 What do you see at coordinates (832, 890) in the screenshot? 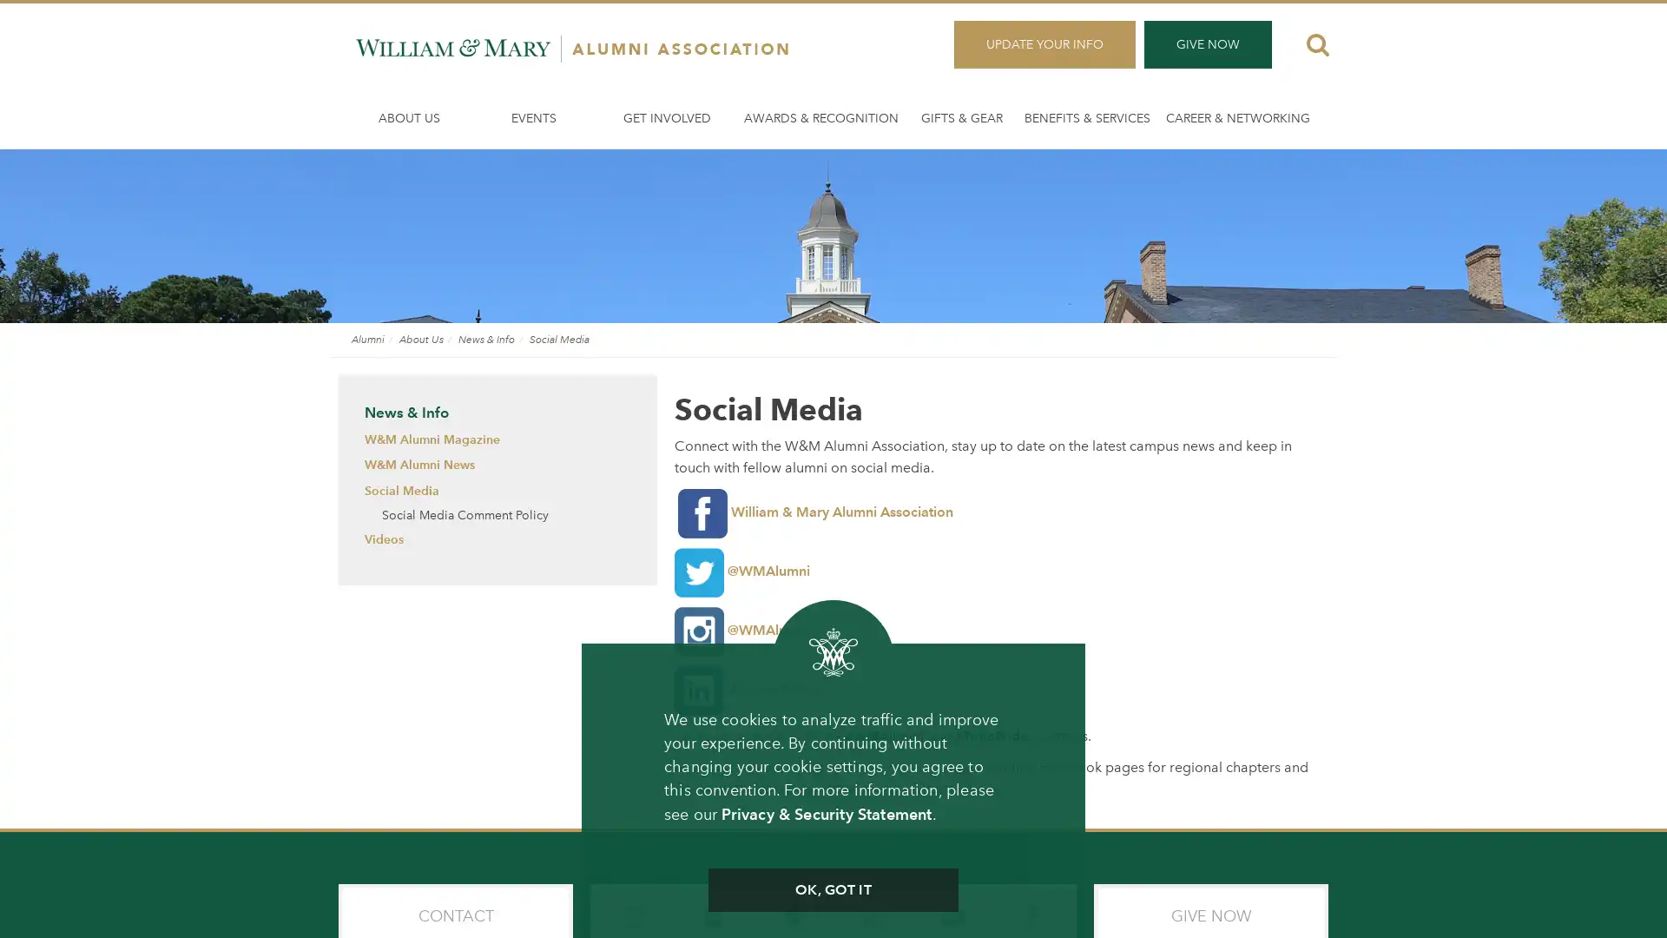
I see `OK, GOT IT` at bounding box center [832, 890].